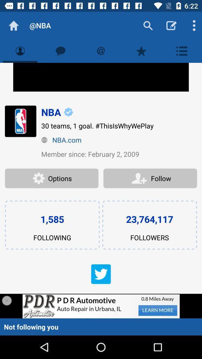  Describe the element at coordinates (171, 25) in the screenshot. I see `edit button which is in between search option and three dot menu` at that location.